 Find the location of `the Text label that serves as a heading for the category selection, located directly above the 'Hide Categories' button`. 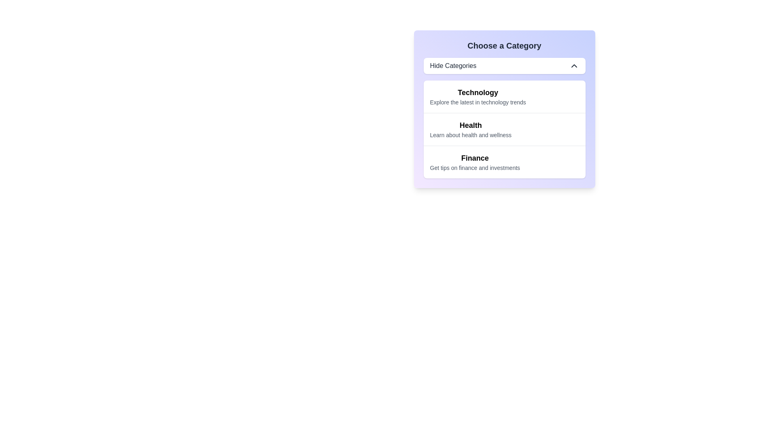

the Text label that serves as a heading for the category selection, located directly above the 'Hide Categories' button is located at coordinates (504, 45).